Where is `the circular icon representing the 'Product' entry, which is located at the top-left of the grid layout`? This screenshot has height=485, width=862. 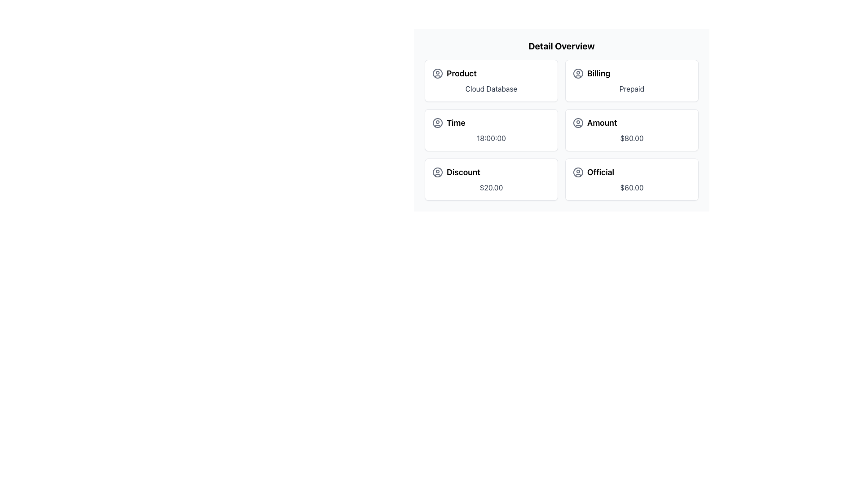
the circular icon representing the 'Product' entry, which is located at the top-left of the grid layout is located at coordinates (437, 73).